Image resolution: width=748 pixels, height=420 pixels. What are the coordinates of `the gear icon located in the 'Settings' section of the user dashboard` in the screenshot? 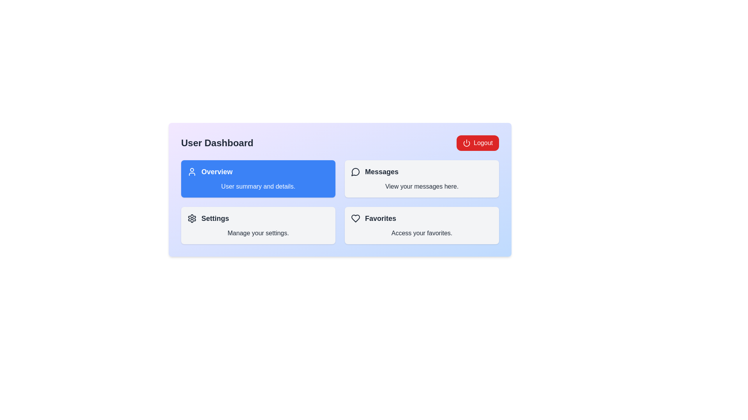 It's located at (192, 219).